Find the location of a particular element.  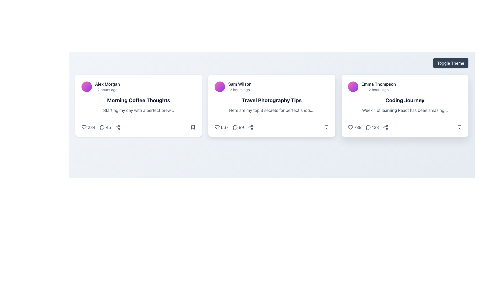

the Comment count indicator and button located in the middle card's footer is located at coordinates (238, 127).